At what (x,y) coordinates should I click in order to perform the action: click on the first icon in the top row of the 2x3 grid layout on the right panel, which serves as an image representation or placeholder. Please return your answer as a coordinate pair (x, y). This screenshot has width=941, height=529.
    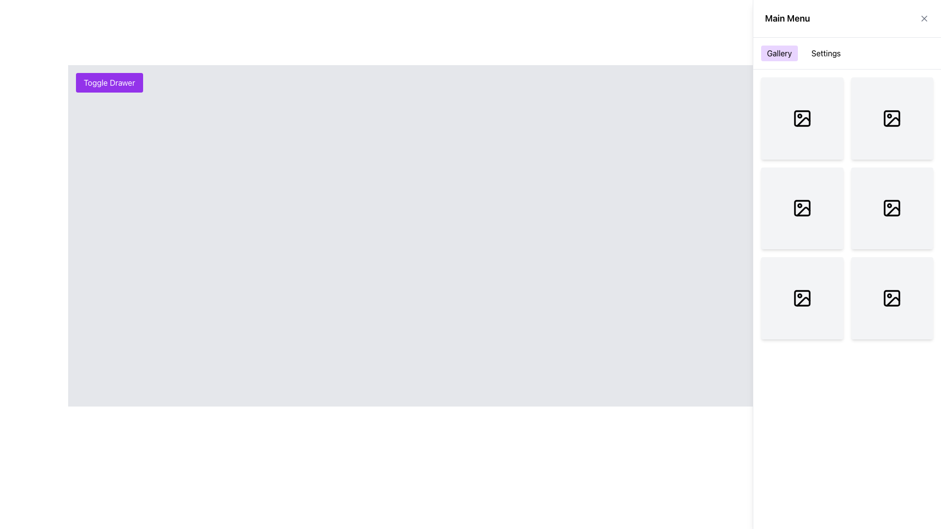
    Looking at the image, I should click on (802, 118).